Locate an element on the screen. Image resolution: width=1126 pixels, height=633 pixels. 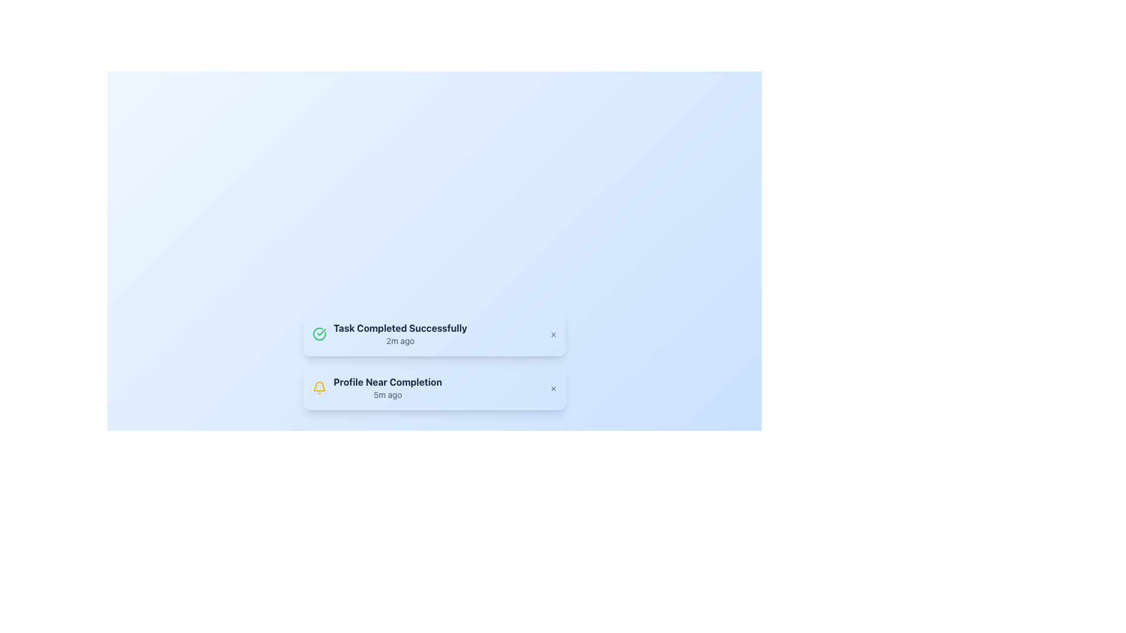
the notification text block titled 'Profile Near Completion' is located at coordinates (388, 388).